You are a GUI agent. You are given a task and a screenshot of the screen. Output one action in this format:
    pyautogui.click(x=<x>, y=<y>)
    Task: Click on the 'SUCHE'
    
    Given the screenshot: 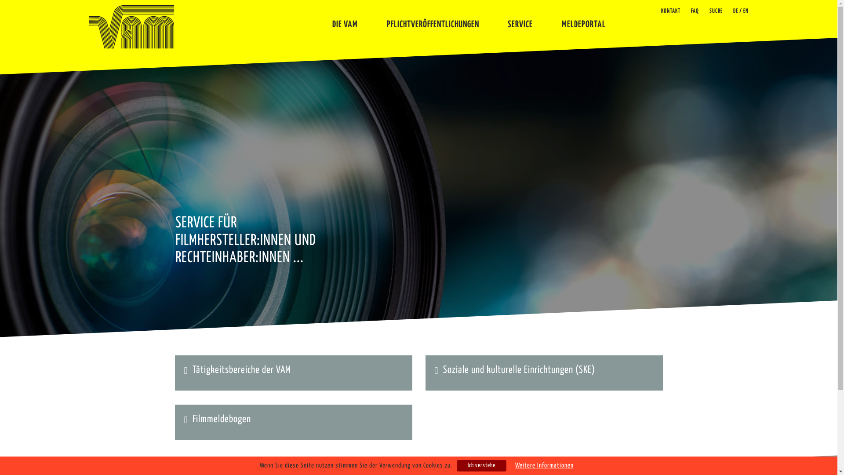 What is the action you would take?
    pyautogui.click(x=716, y=11)
    